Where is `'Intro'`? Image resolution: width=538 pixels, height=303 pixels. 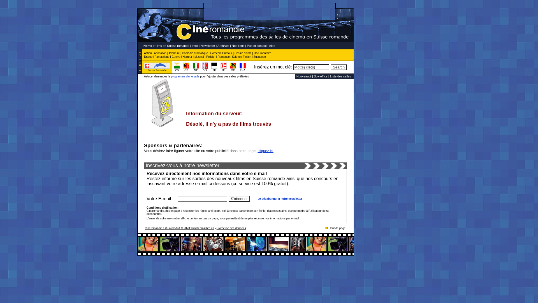 'Intro' is located at coordinates (195, 45).